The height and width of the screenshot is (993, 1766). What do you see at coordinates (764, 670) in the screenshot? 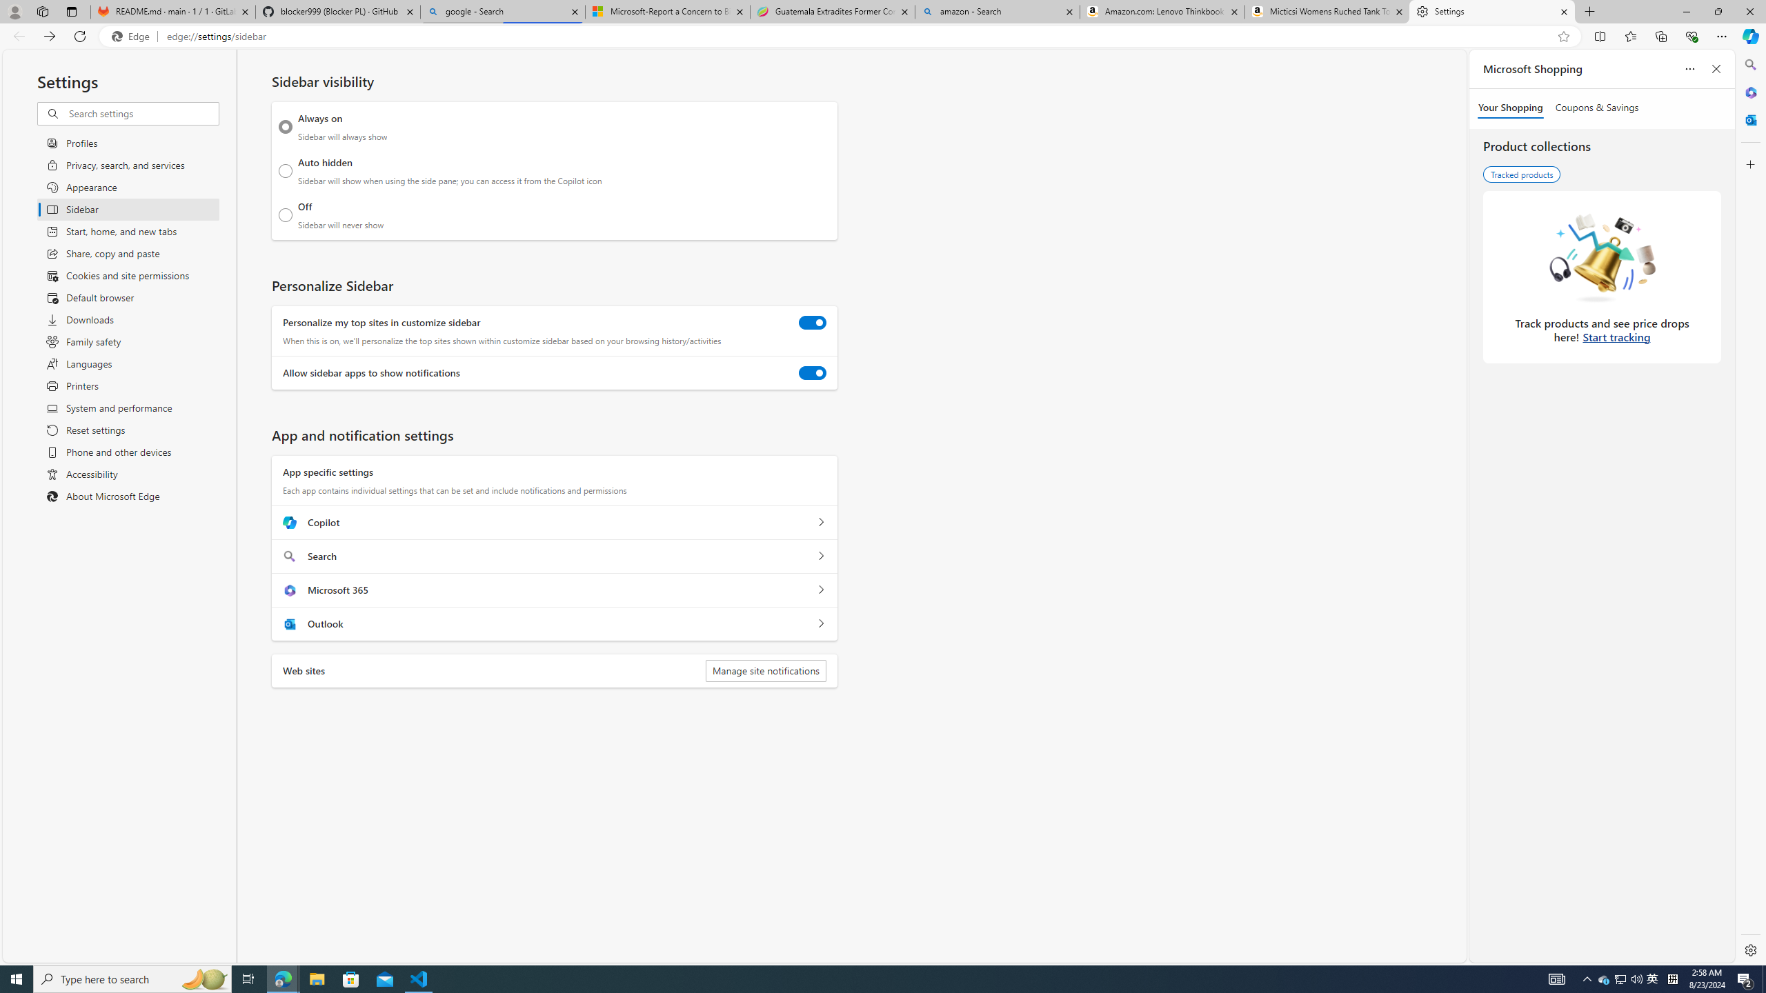
I see `'Manage site notifications'` at bounding box center [764, 670].